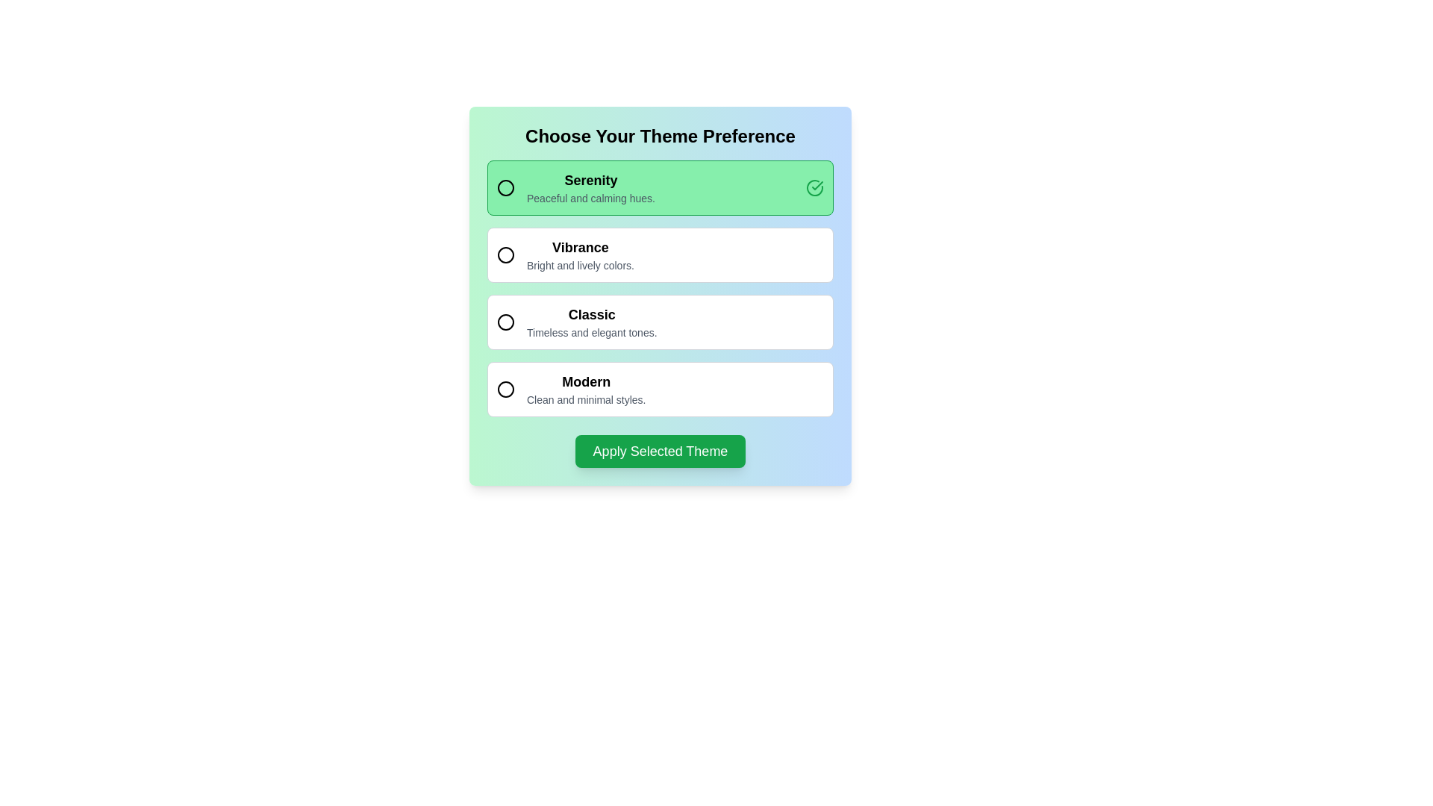 This screenshot has height=806, width=1433. What do you see at coordinates (659, 451) in the screenshot?
I see `the confirm button located at the bottom center of the 'Choose Your Theme Preference' panel to trigger a visual effect` at bounding box center [659, 451].